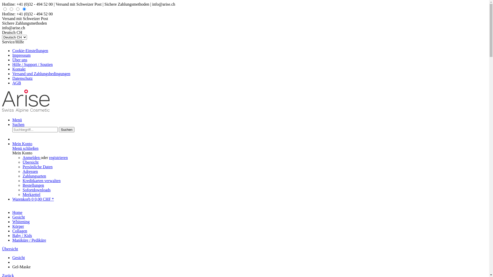  I want to click on 'Merkzettel', so click(22, 194).